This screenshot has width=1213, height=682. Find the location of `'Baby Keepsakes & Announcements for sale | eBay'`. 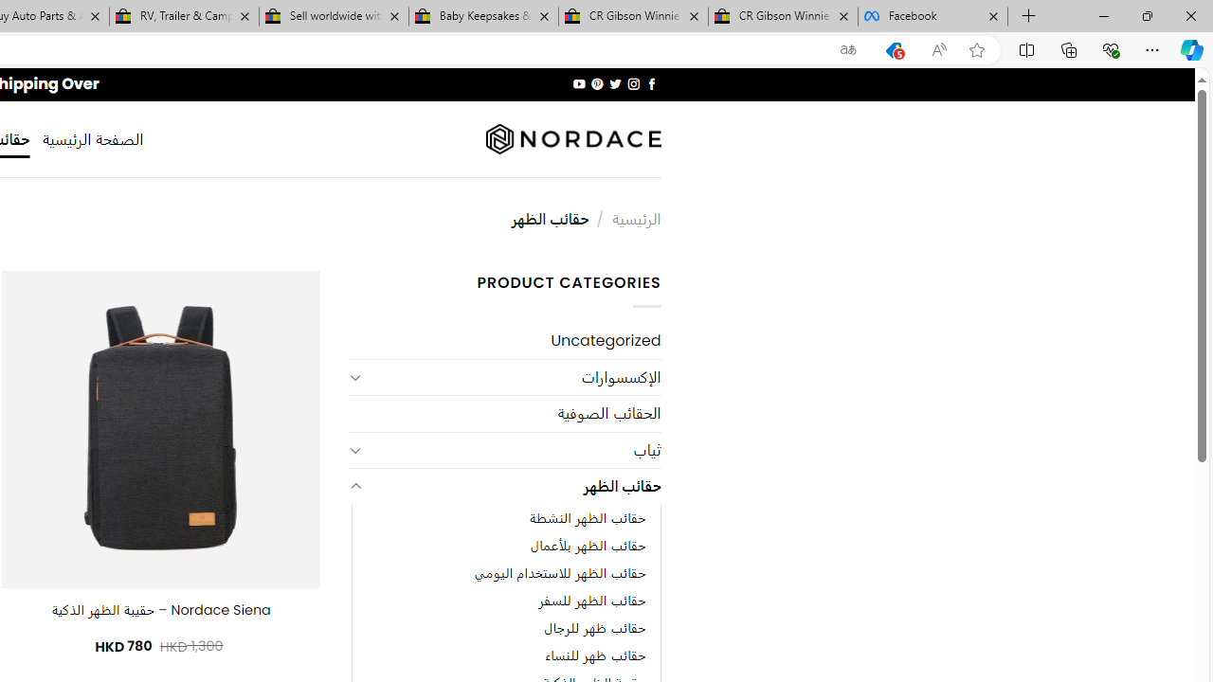

'Baby Keepsakes & Announcements for sale | eBay' is located at coordinates (483, 16).